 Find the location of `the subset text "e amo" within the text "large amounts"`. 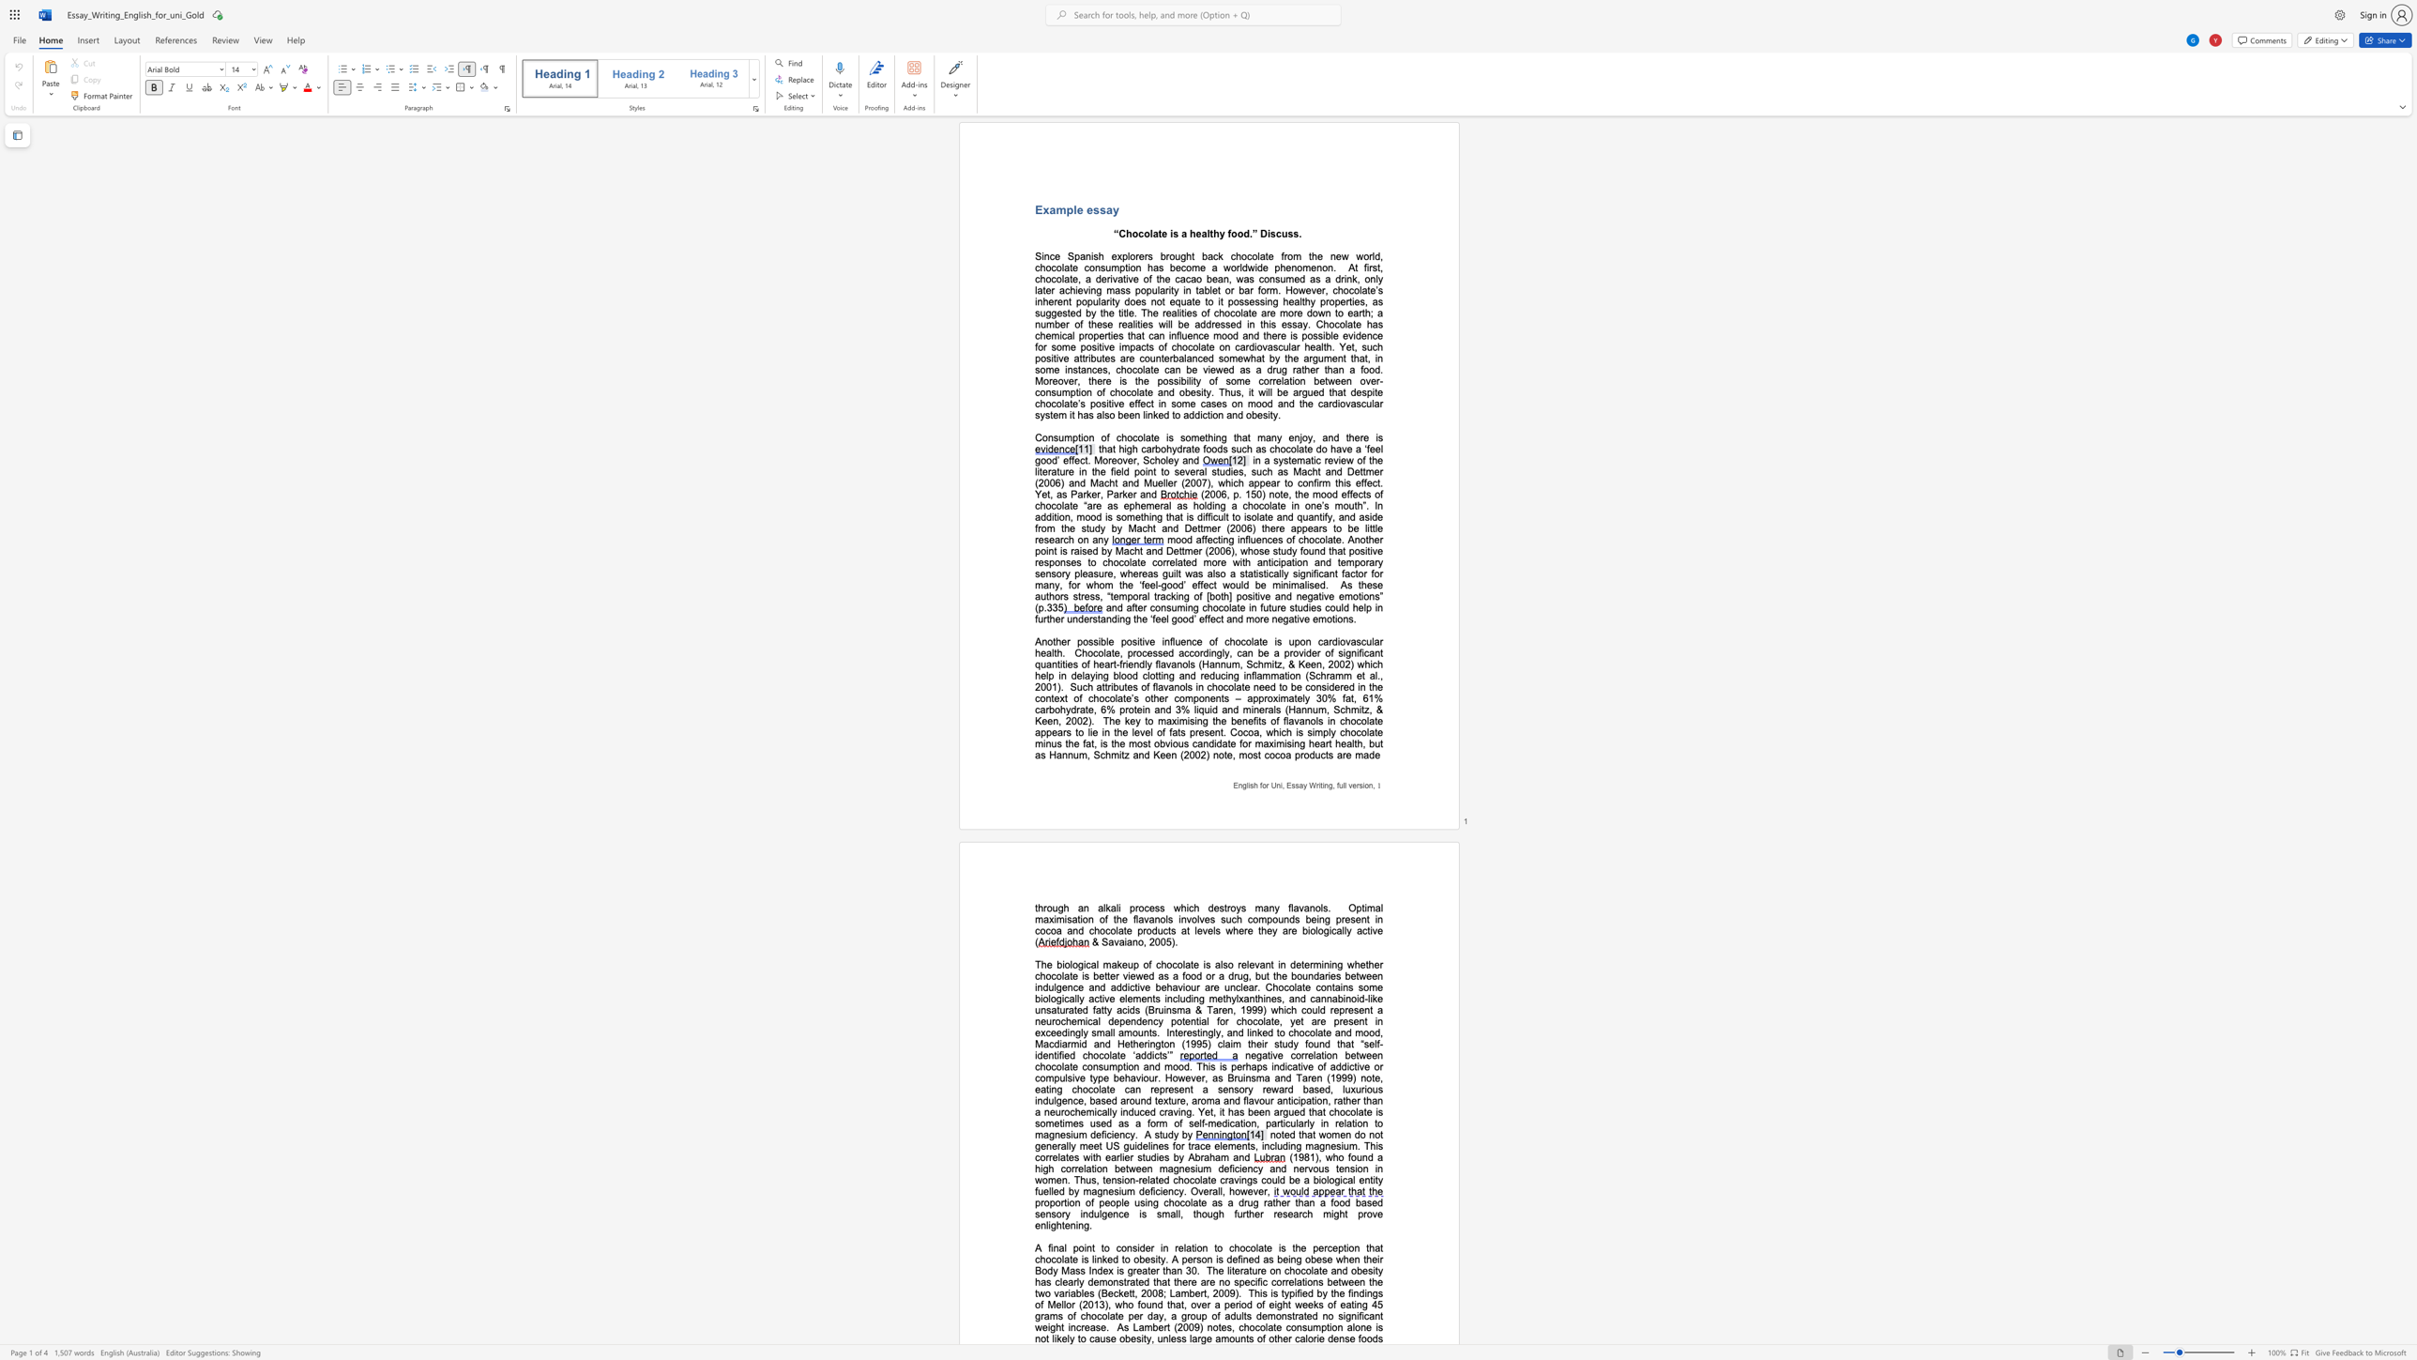

the subset text "e amo" within the text "large amounts" is located at coordinates (1205, 1338).